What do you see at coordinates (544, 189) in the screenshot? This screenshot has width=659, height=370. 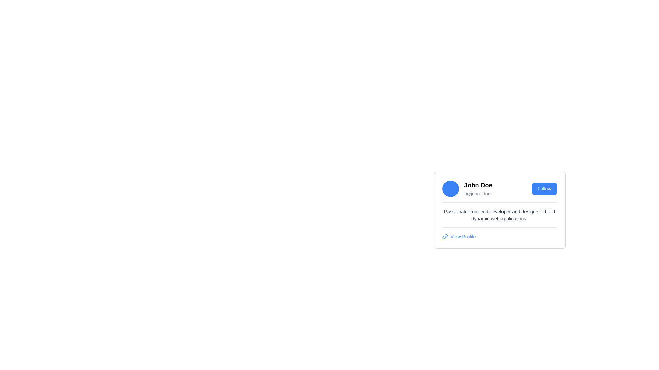 I see `the 'Follow' button, which has a blue background and white text, to follow the user '@john_doe'` at bounding box center [544, 189].